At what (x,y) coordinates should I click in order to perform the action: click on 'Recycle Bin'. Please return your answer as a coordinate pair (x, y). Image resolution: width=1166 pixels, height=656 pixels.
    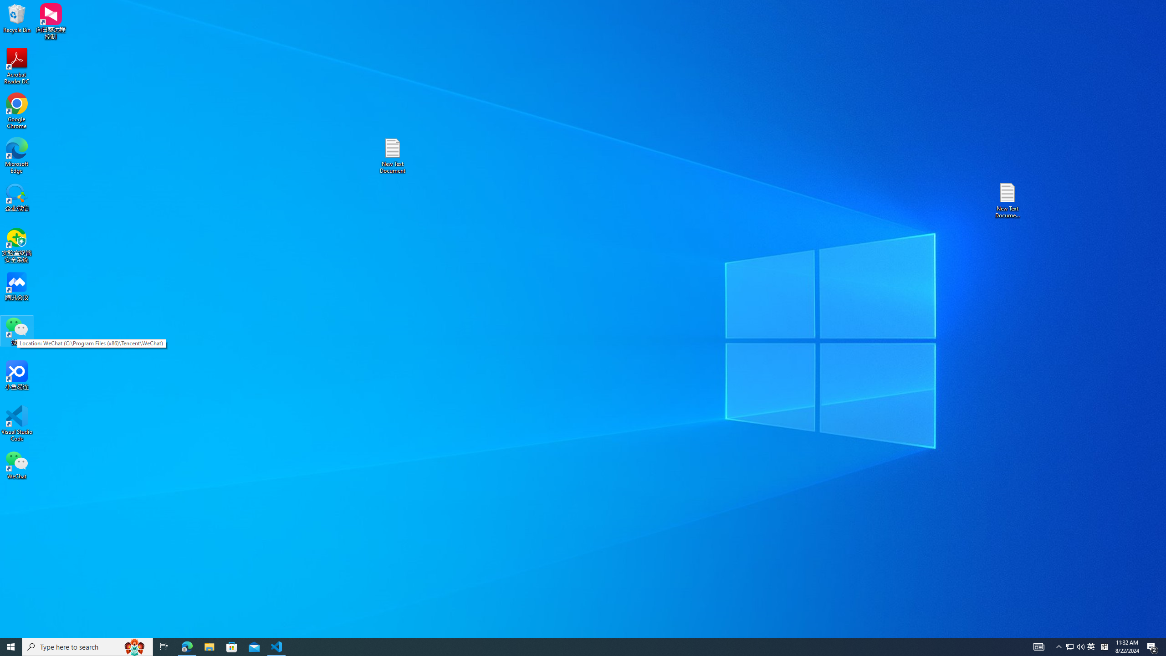
    Looking at the image, I should click on (16, 17).